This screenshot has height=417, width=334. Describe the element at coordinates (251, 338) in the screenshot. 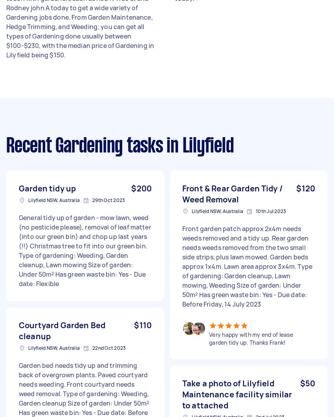

I see `'Very happy with my end of lease garden tidy up. Thanks Frank!'` at that location.